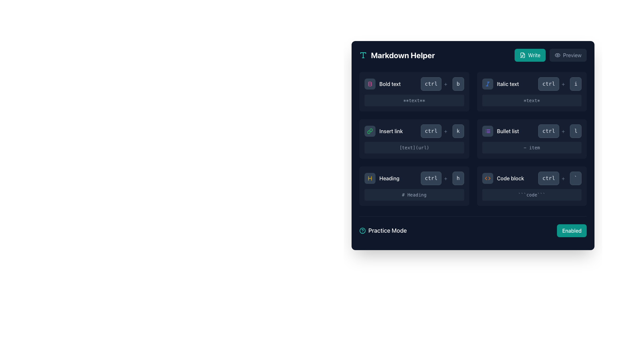 The height and width of the screenshot is (349, 621). Describe the element at coordinates (431, 83) in the screenshot. I see `the button-like text display labeled 'ctrl', which has a dark slate background and is part of the keyboard shortcut group for 'Bold text'` at that location.